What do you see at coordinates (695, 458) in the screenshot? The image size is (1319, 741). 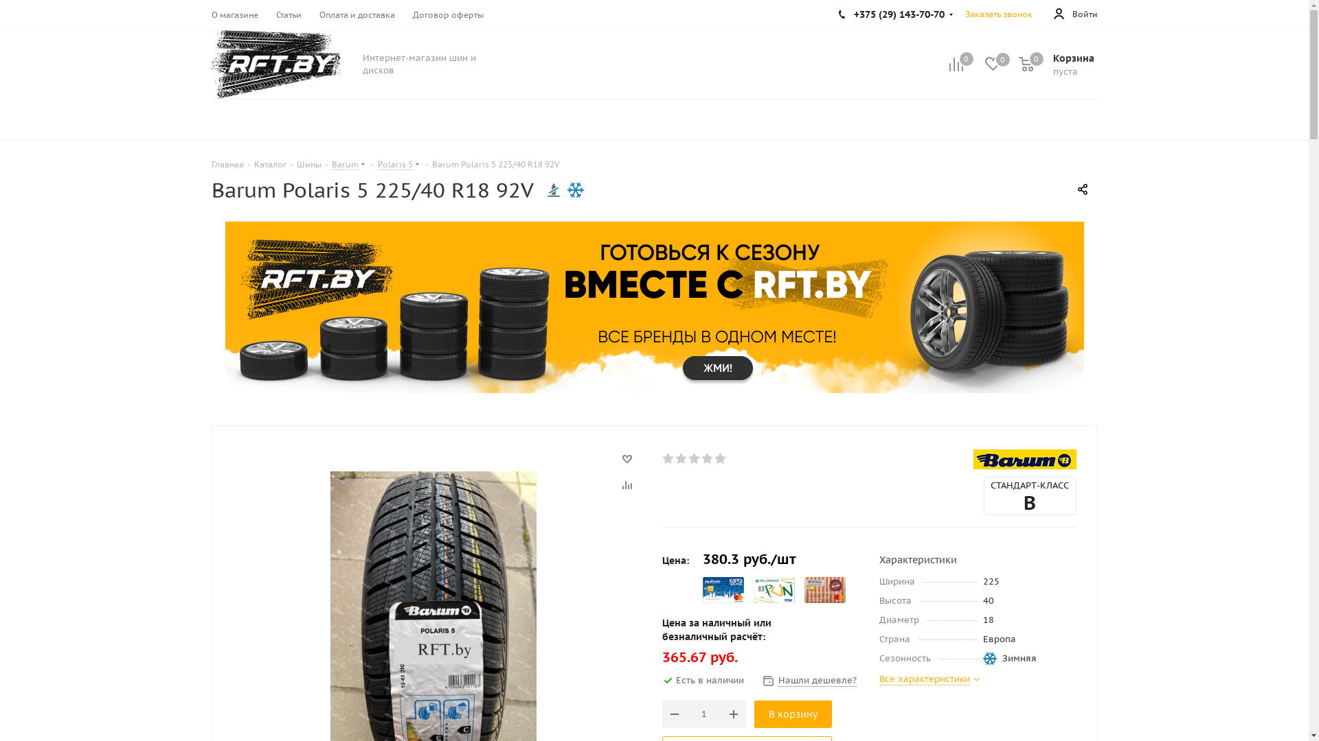 I see `'3'` at bounding box center [695, 458].